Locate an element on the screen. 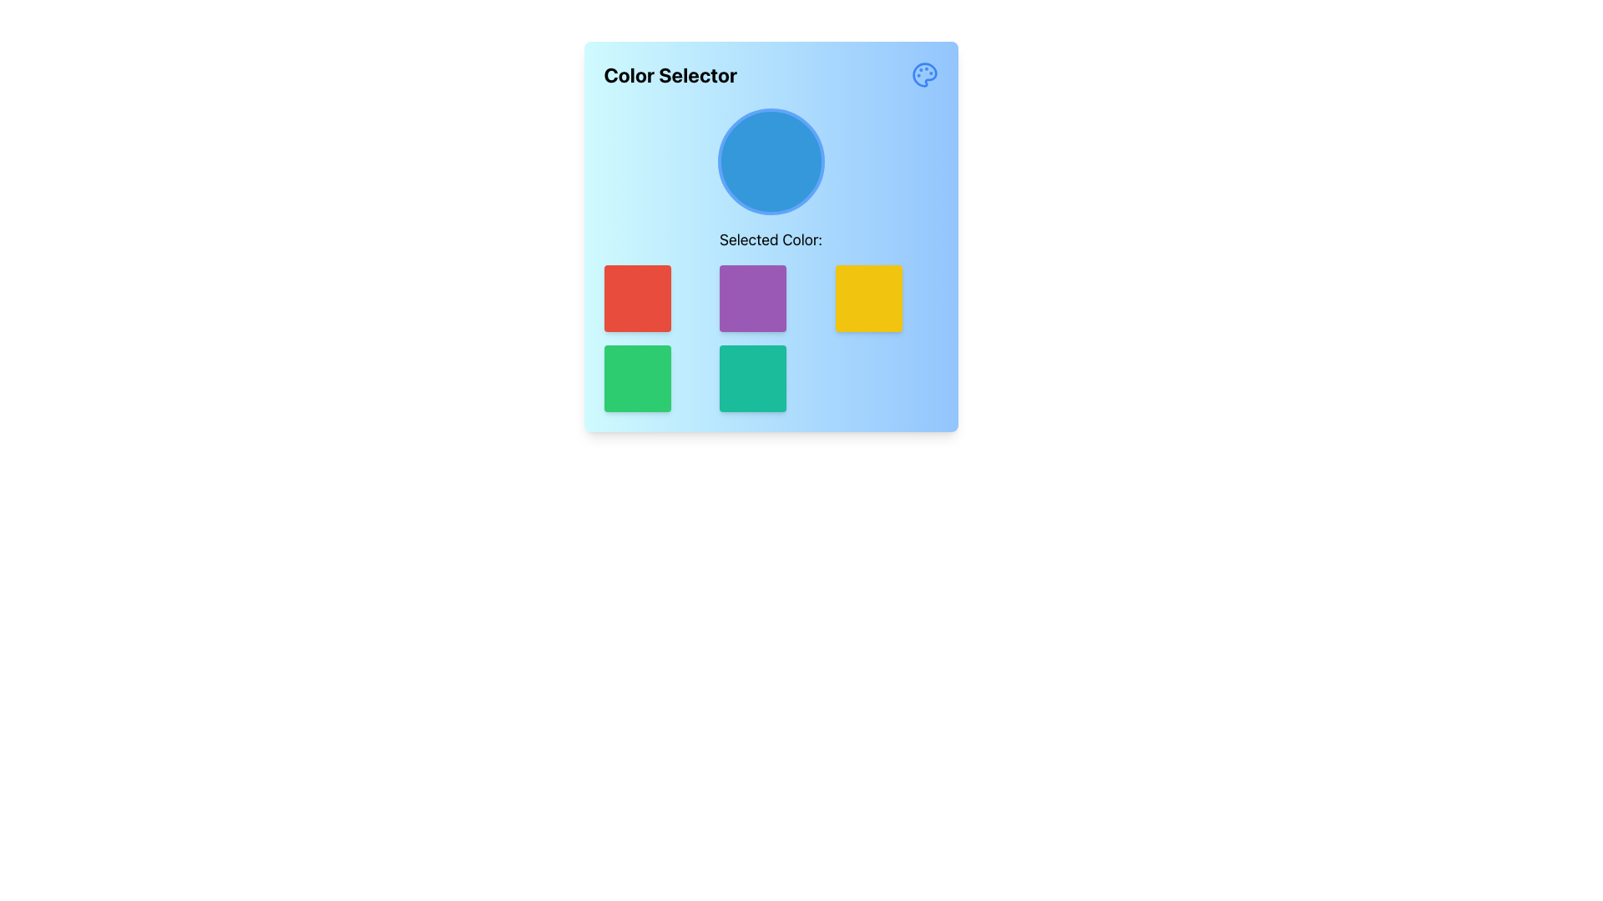  the fifth colored square selector in the Color Selector interface is located at coordinates (770, 379).